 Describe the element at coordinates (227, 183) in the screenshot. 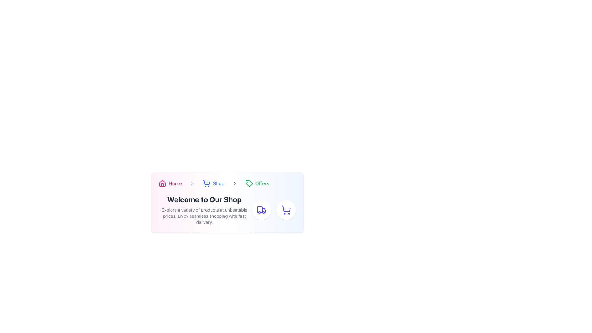

I see `the Breadcrumb navigation bar located at the top of the card, which includes sections like 'Home', 'Shop', and 'Offers'` at that location.